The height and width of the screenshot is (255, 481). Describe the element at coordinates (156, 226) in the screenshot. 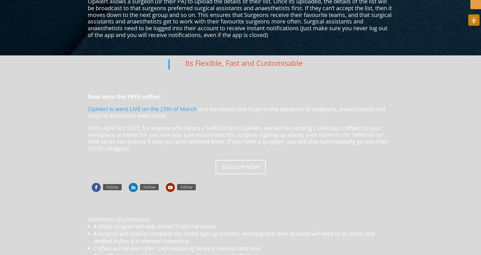

I see `'A single surgeon will only attract 1 referral bonus.'` at that location.